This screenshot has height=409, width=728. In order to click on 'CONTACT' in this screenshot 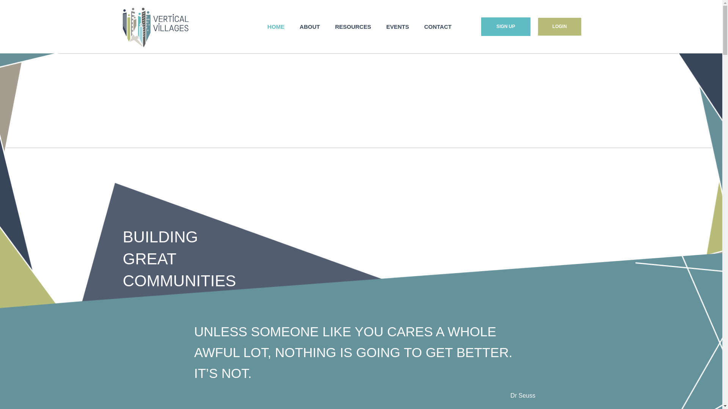, I will do `click(438, 26)`.